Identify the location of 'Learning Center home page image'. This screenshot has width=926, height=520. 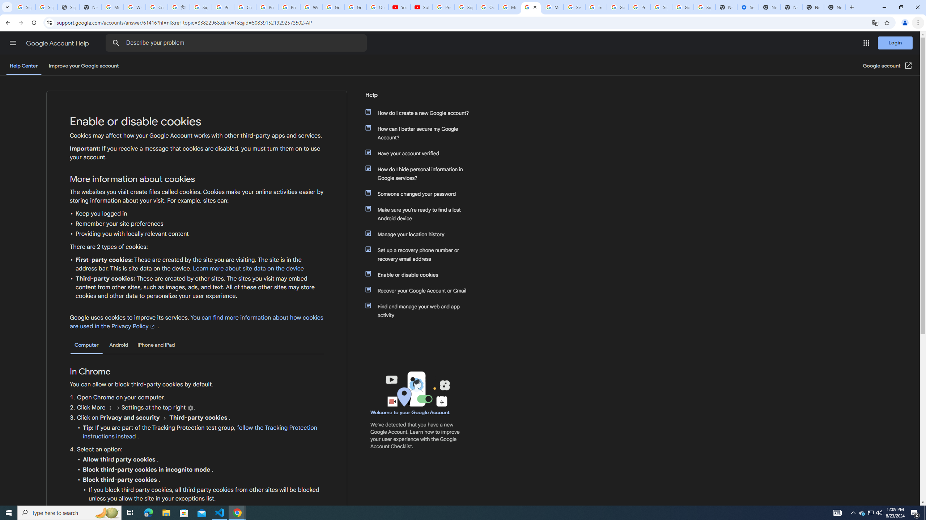
(416, 389).